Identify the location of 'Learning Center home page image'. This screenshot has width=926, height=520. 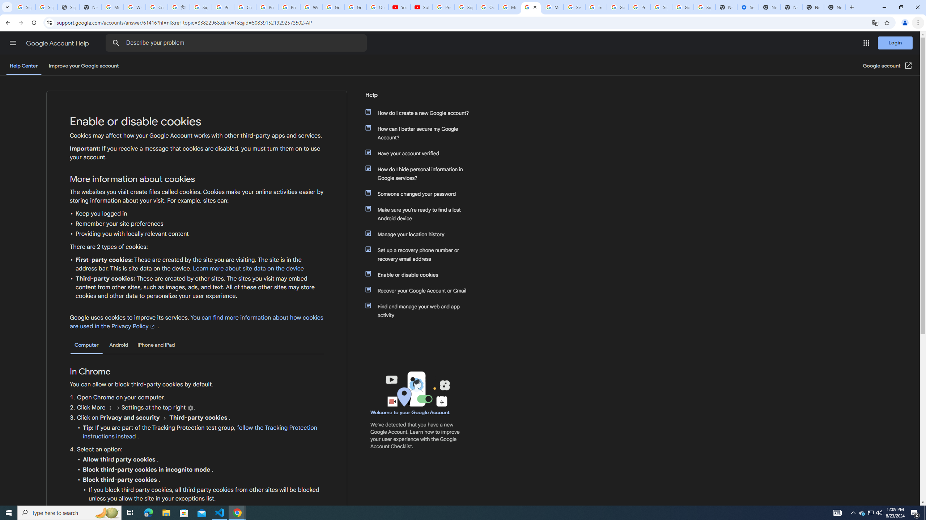
(416, 389).